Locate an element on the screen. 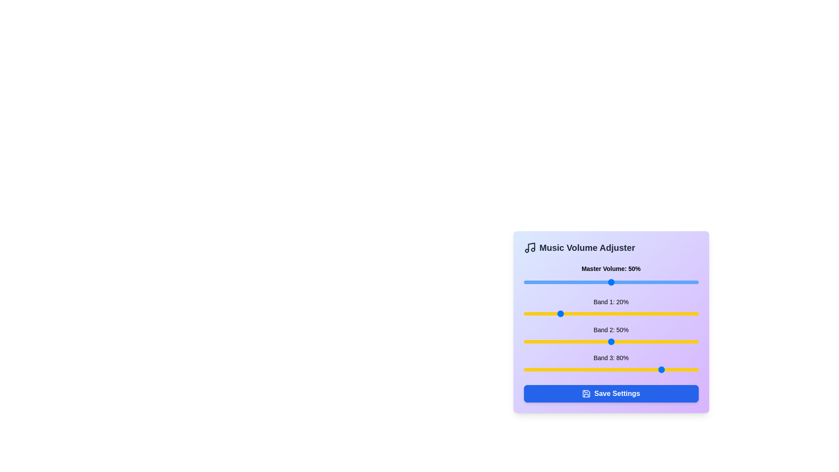  Band 1 is located at coordinates (619, 313).